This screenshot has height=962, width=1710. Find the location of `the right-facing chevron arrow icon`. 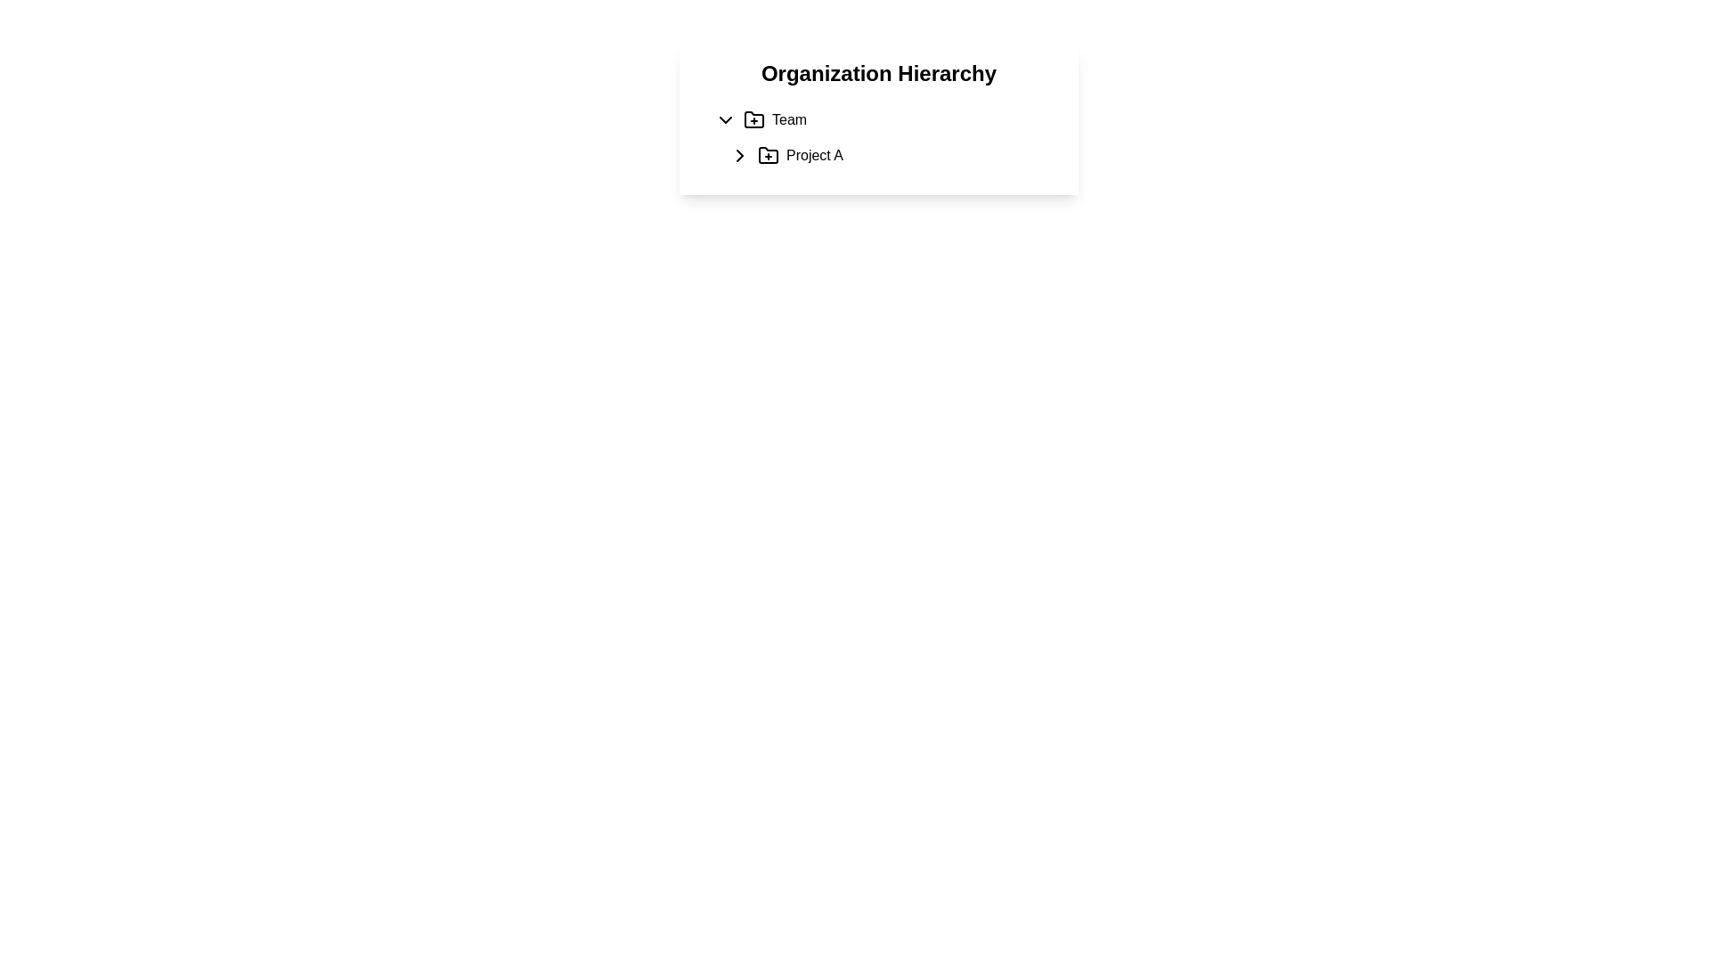

the right-facing chevron arrow icon is located at coordinates (739, 154).